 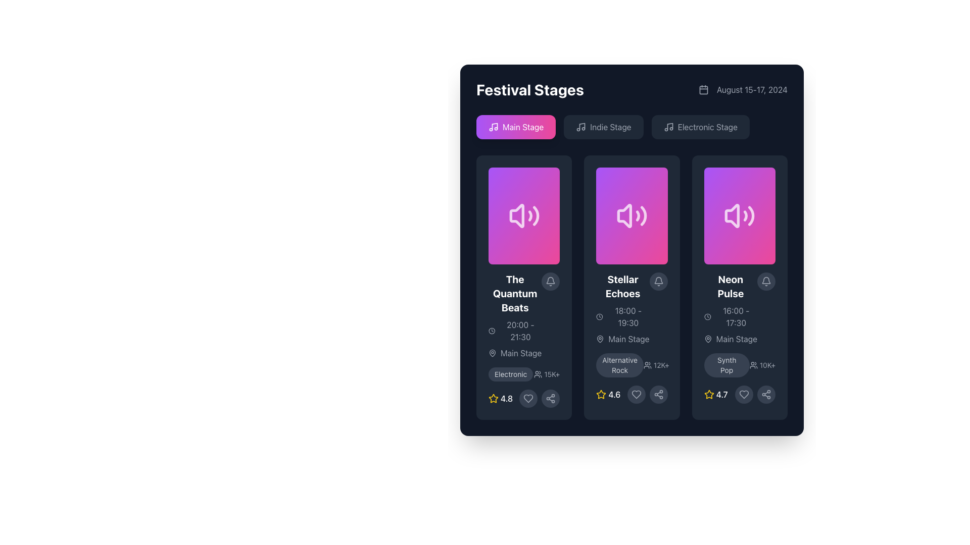 What do you see at coordinates (643, 215) in the screenshot?
I see `the third wave-like symbol representing sound dynamics within the 'Stellar Echoes' card to initiate interactions` at bounding box center [643, 215].